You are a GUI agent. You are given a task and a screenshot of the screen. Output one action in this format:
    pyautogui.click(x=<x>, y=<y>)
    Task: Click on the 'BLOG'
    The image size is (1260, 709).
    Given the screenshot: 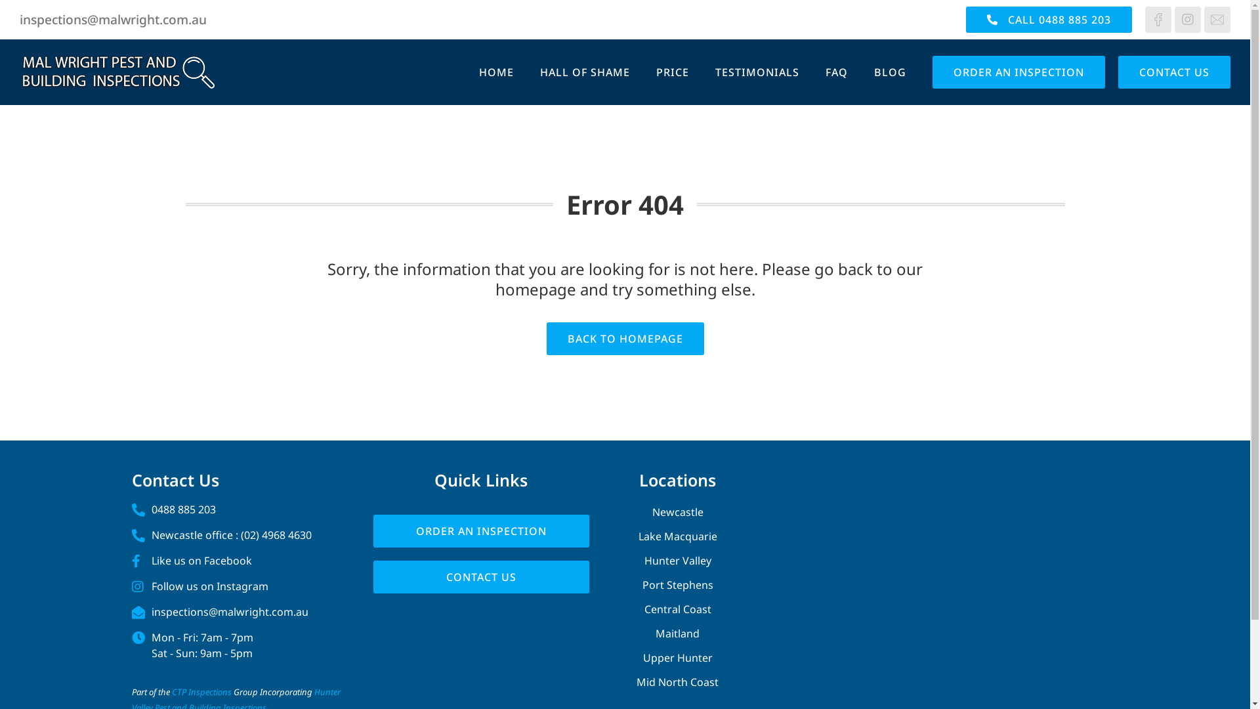 What is the action you would take?
    pyautogui.click(x=890, y=72)
    